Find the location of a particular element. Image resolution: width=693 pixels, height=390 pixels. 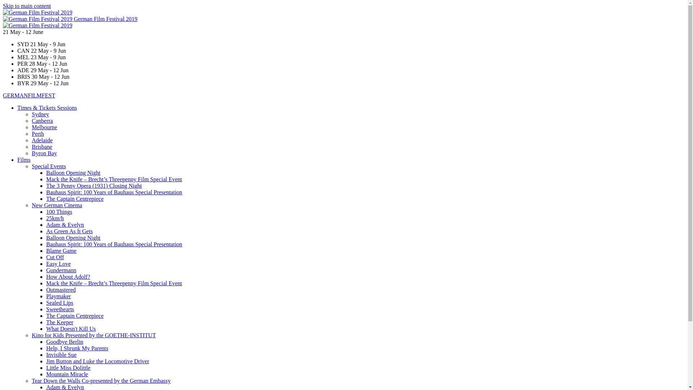

'Help, I Shrunk My Parents' is located at coordinates (77, 348).